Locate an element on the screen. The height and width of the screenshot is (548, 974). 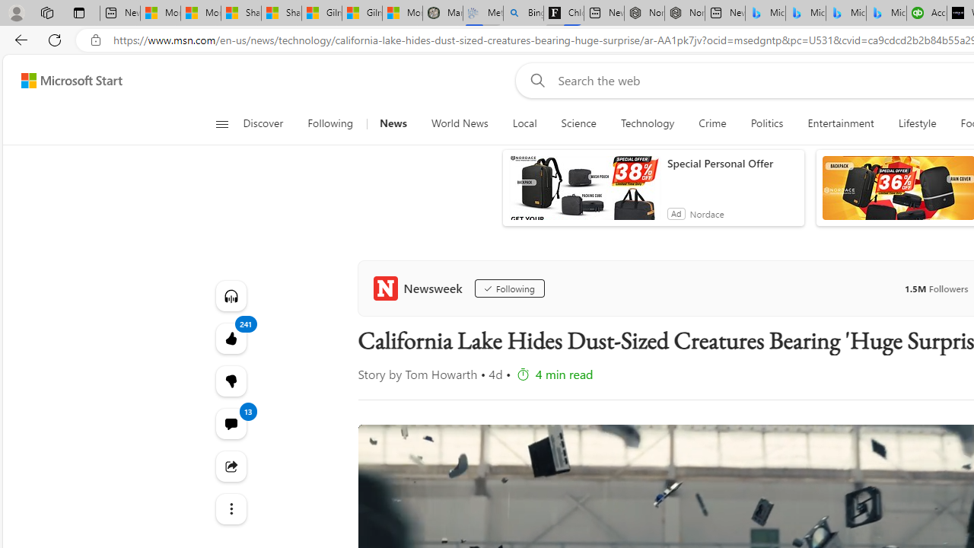
'Skip to content' is located at coordinates (65, 80).